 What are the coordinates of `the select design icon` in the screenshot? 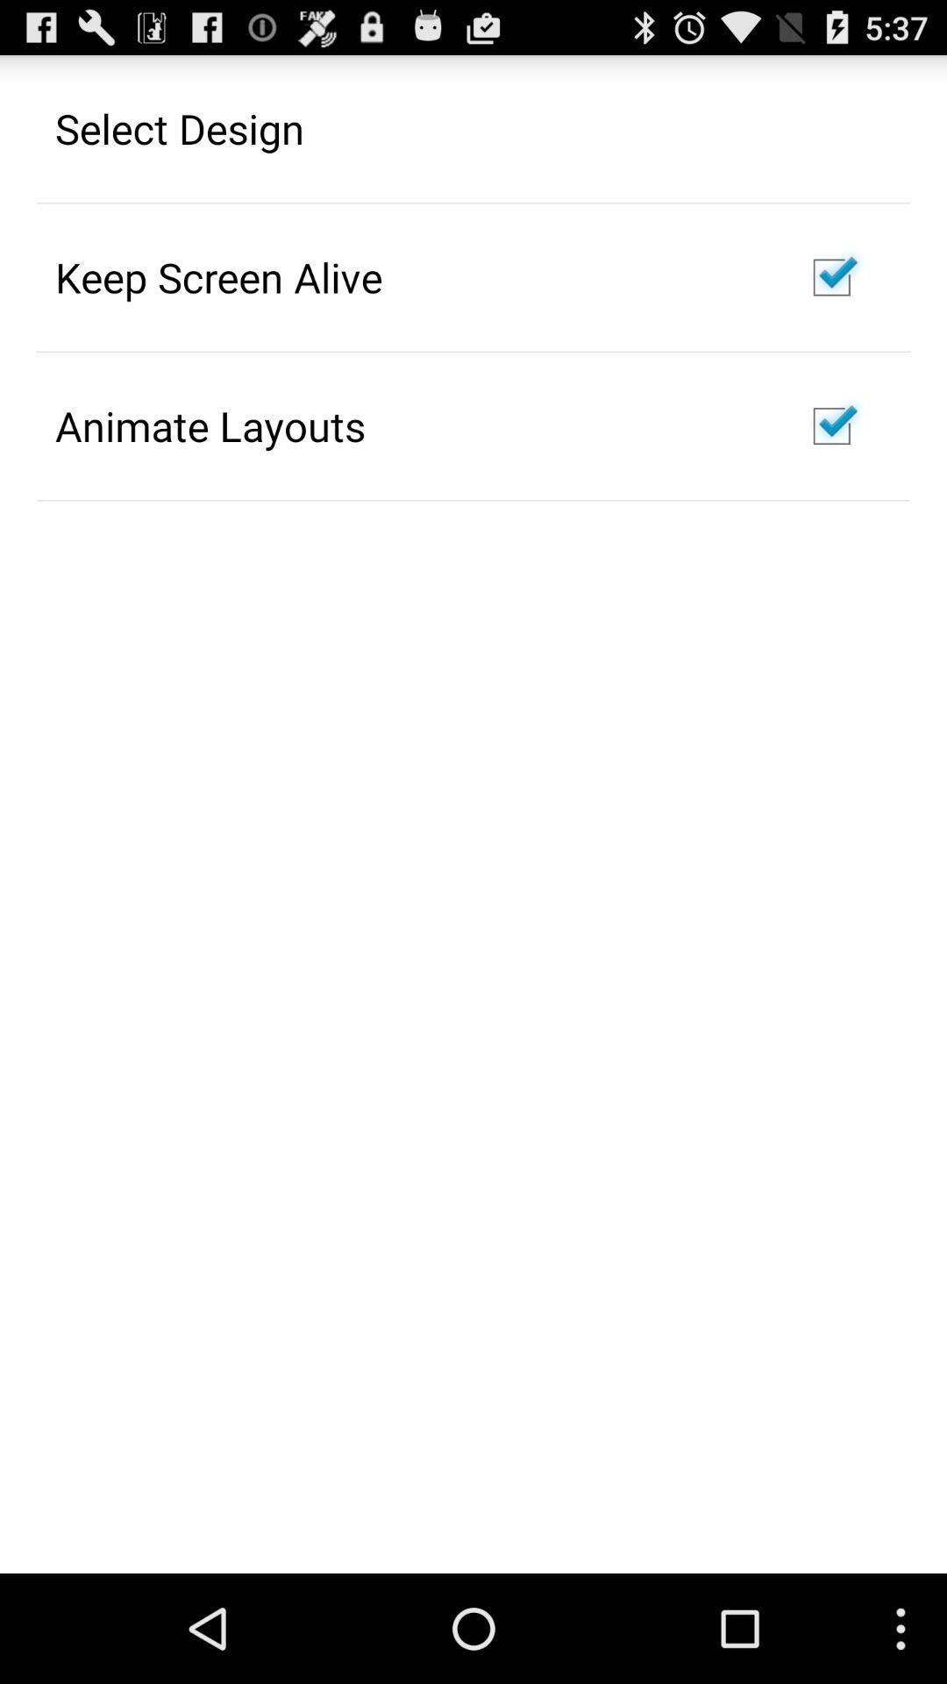 It's located at (180, 127).